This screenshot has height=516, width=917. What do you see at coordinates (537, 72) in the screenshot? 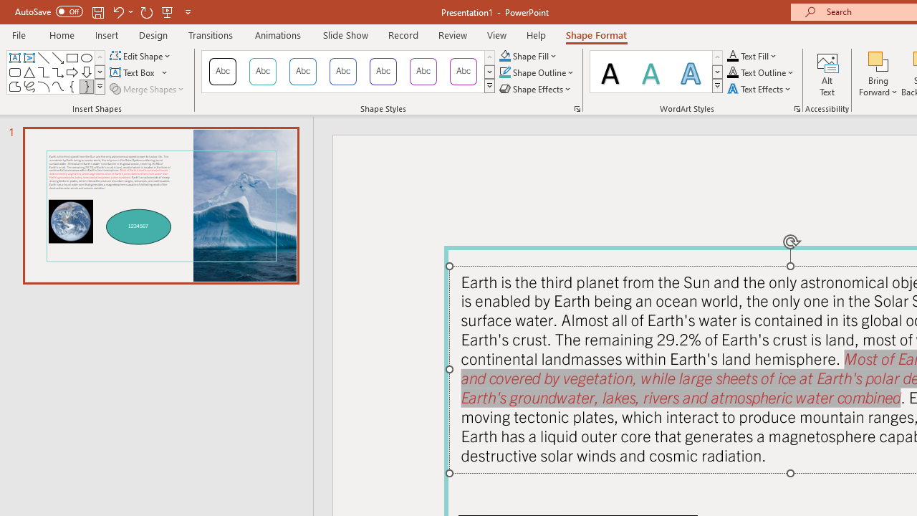
I see `'Shape Outline'` at bounding box center [537, 72].